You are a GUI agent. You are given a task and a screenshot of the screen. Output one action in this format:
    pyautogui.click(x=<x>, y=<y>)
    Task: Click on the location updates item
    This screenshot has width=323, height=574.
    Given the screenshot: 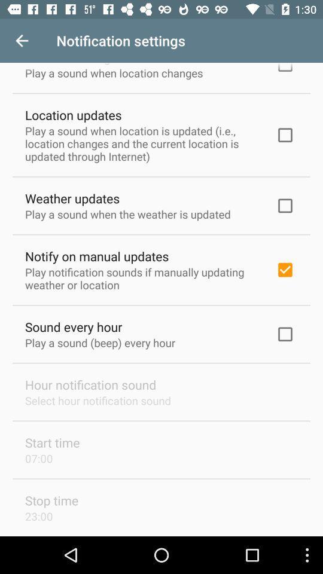 What is the action you would take?
    pyautogui.click(x=73, y=115)
    